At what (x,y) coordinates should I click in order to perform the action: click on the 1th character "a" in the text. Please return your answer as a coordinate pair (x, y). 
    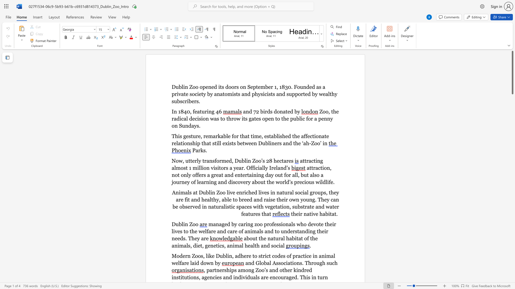
    Looking at the image, I should click on (301, 160).